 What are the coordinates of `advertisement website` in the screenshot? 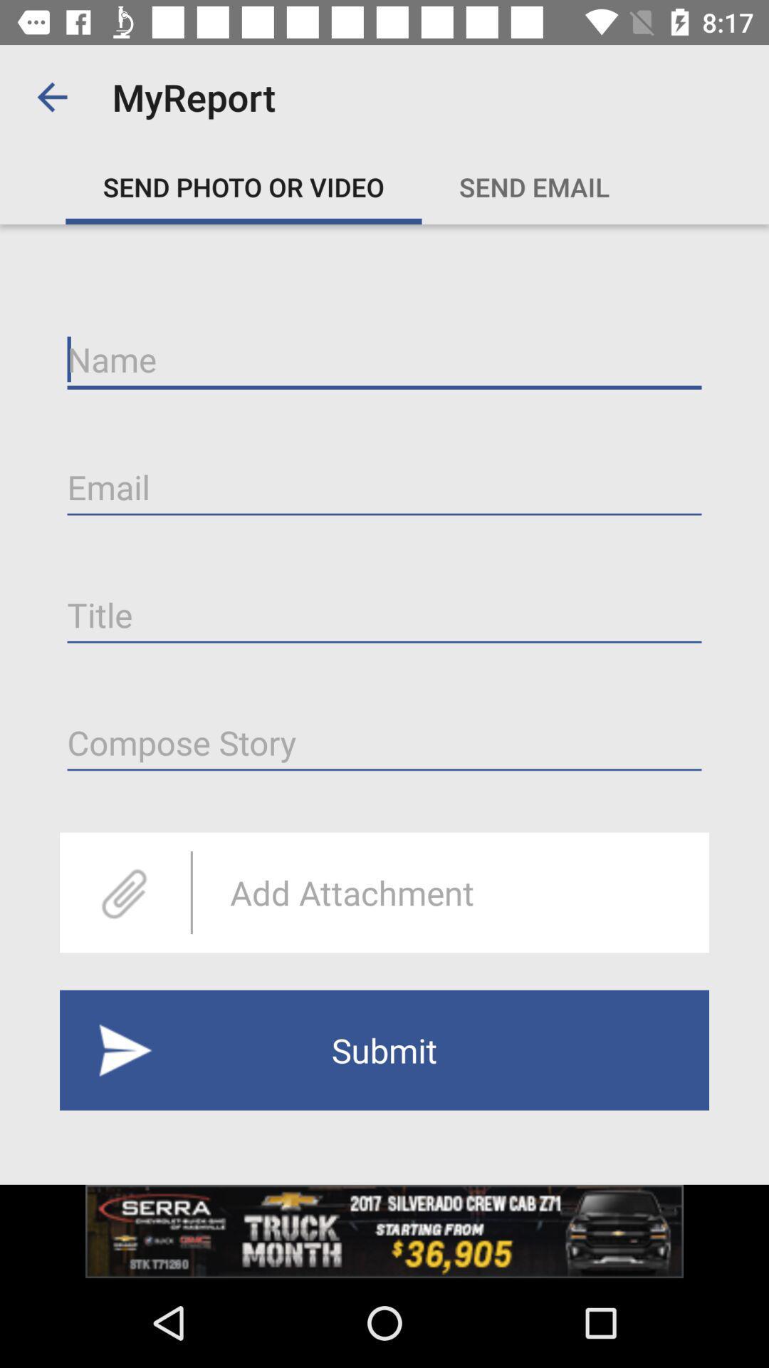 It's located at (384, 1230).